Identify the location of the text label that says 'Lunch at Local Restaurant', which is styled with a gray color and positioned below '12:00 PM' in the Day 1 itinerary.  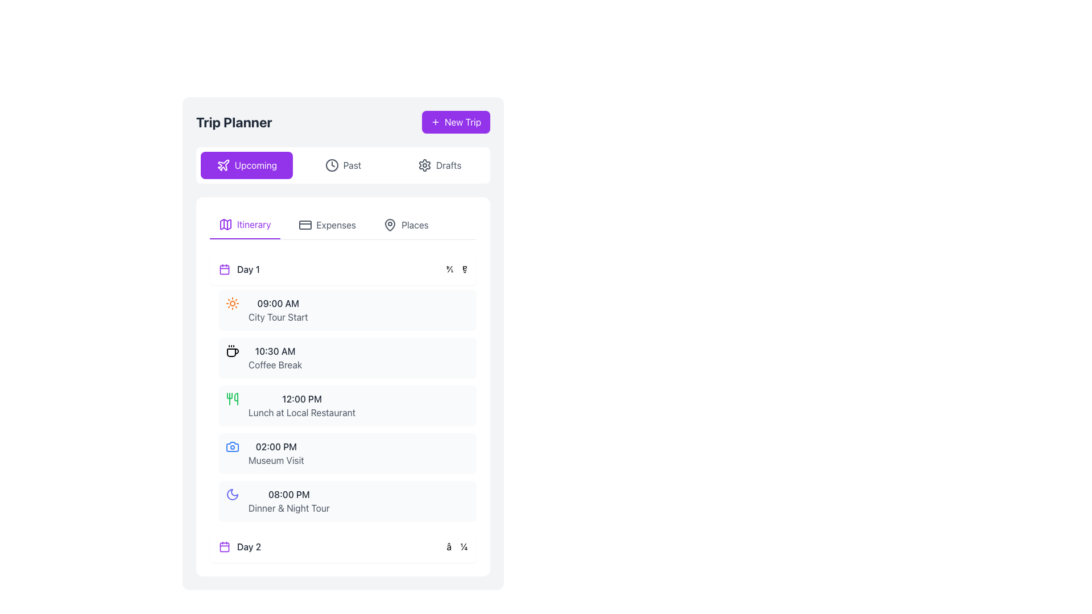
(302, 412).